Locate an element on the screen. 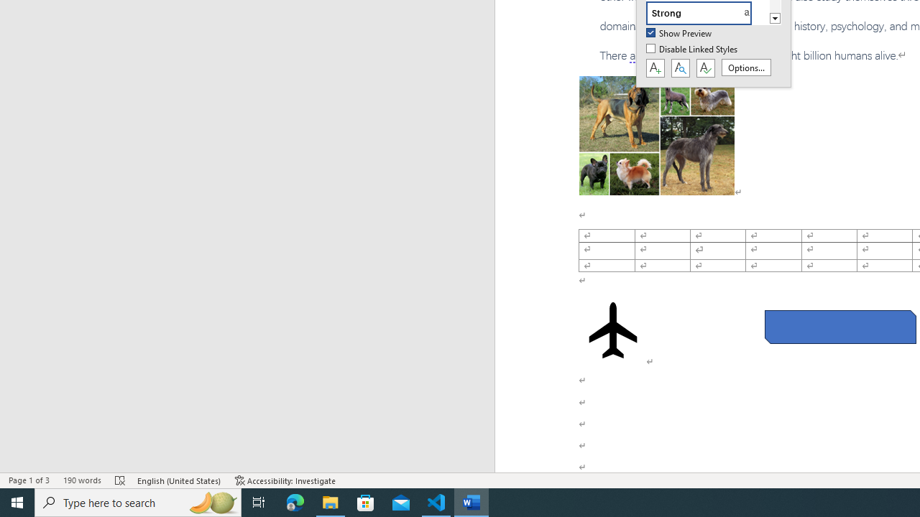 This screenshot has height=517, width=920. 'Class: NetUIButton' is located at coordinates (705, 68).